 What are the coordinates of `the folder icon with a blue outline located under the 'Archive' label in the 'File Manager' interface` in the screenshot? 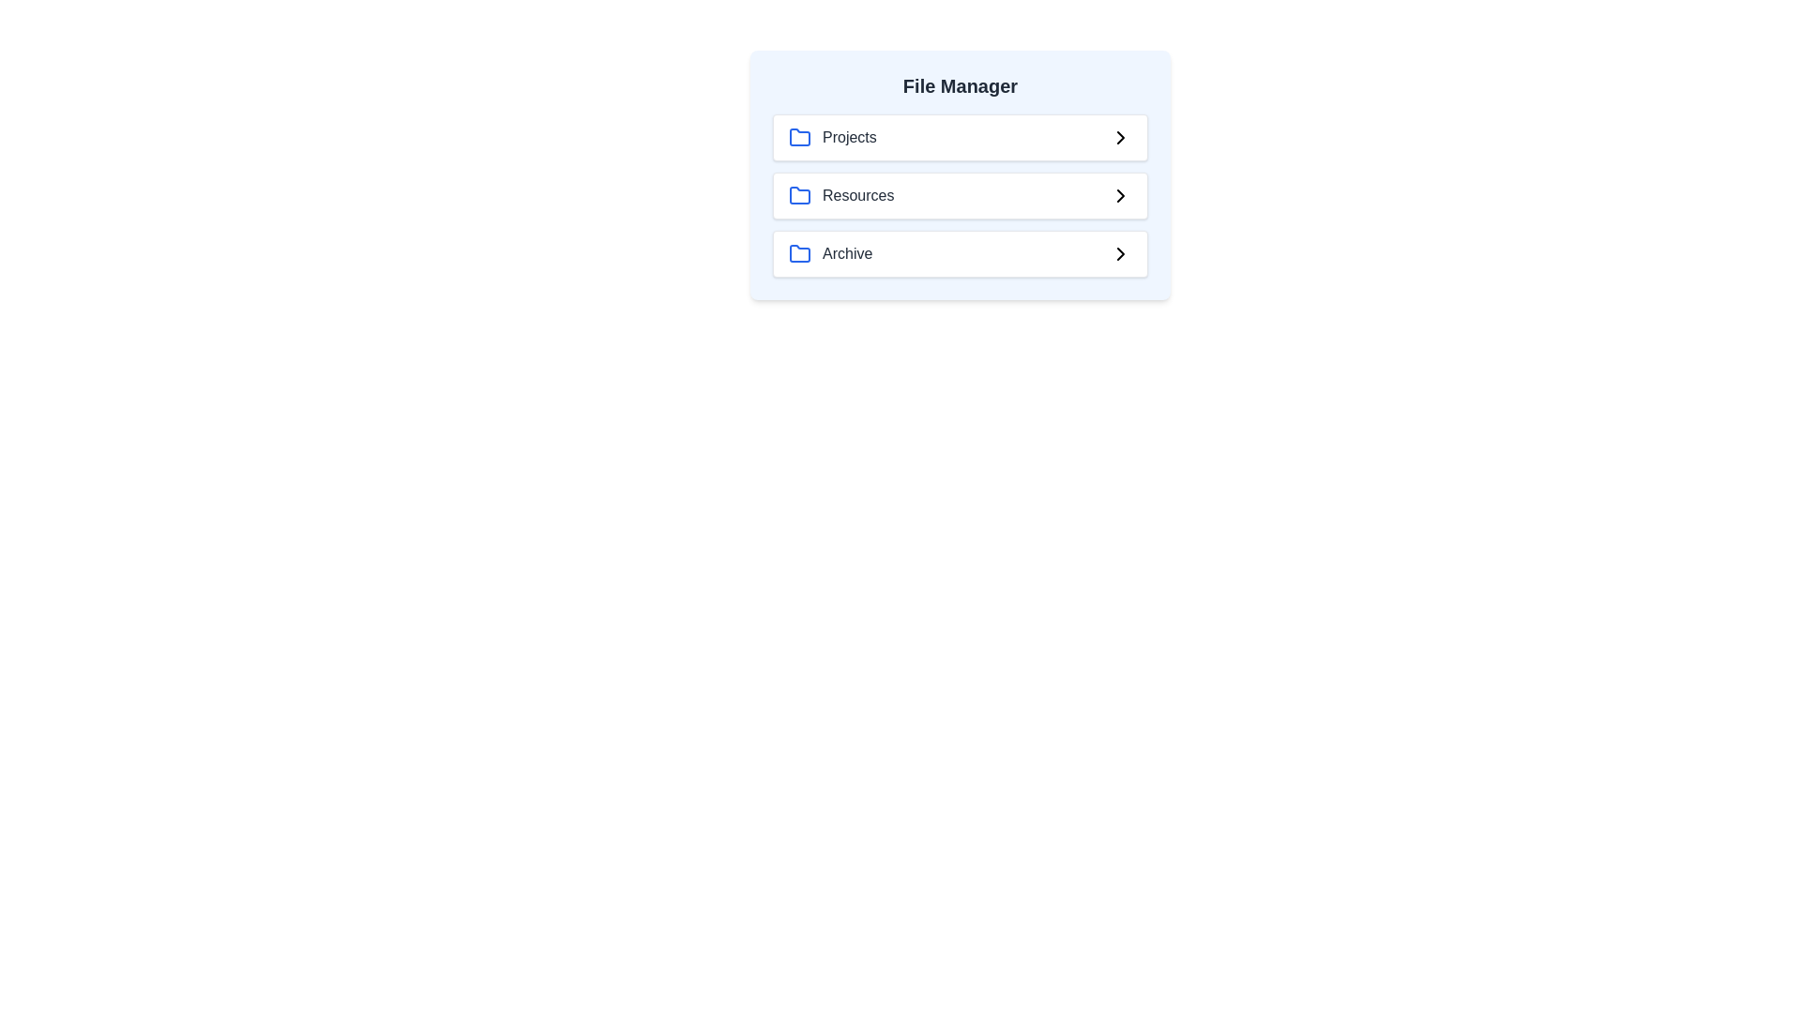 It's located at (800, 253).